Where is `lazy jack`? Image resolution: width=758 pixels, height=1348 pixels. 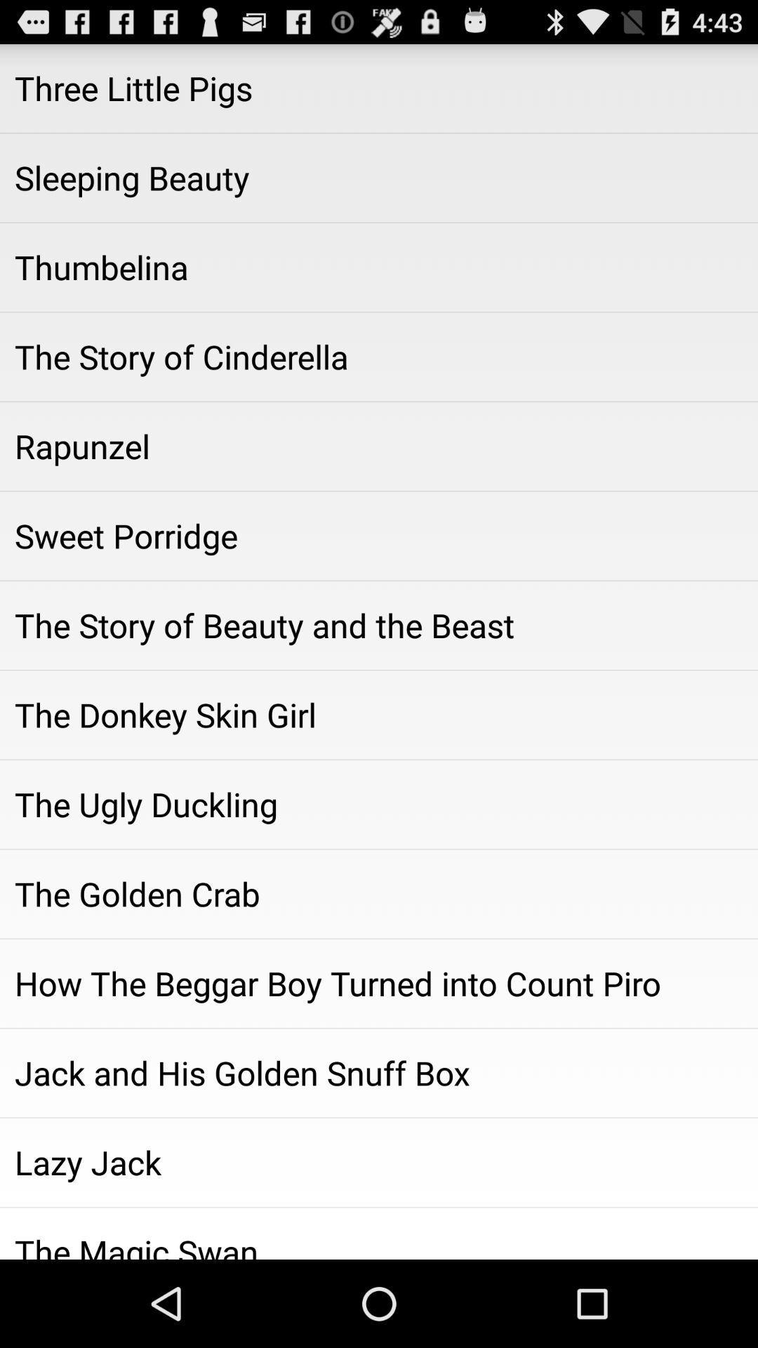
lazy jack is located at coordinates (379, 1163).